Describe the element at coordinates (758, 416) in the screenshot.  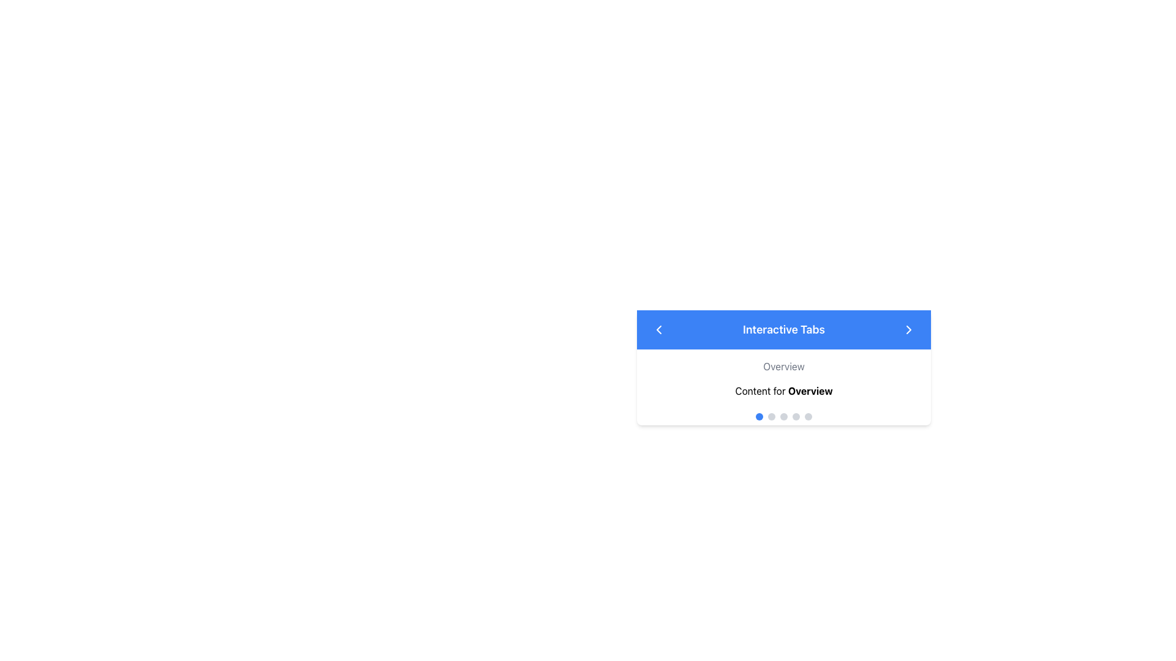
I see `the first circular icon in the horizontal row of five icons located at the bottom-center of the card layout below the text 'Content for Overview'` at that location.